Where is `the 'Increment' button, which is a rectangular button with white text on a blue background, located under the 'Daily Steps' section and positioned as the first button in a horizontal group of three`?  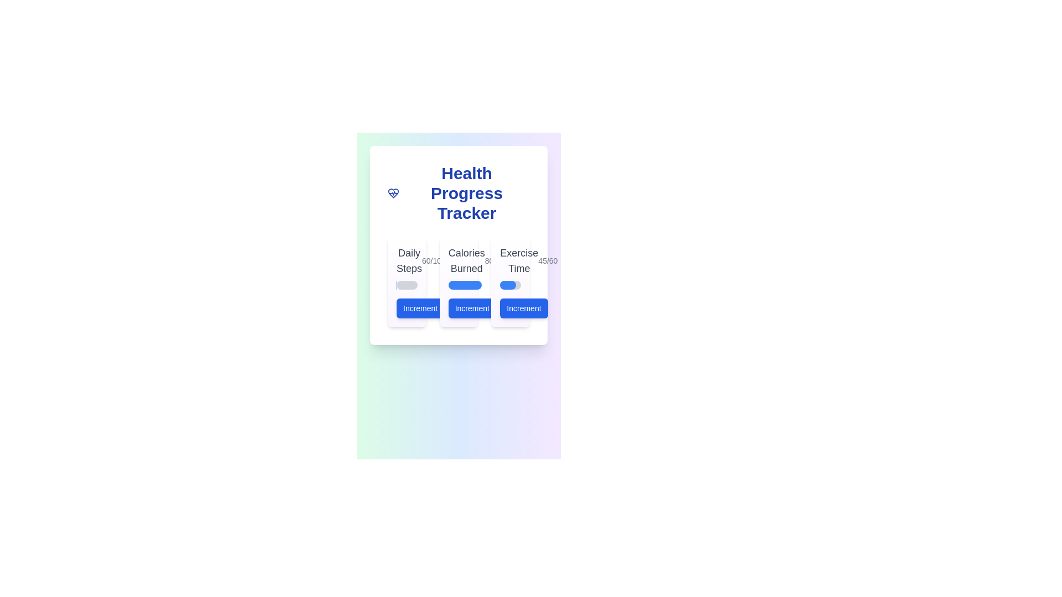
the 'Increment' button, which is a rectangular button with white text on a blue background, located under the 'Daily Steps' section and positioned as the first button in a horizontal group of three is located at coordinates (420, 308).